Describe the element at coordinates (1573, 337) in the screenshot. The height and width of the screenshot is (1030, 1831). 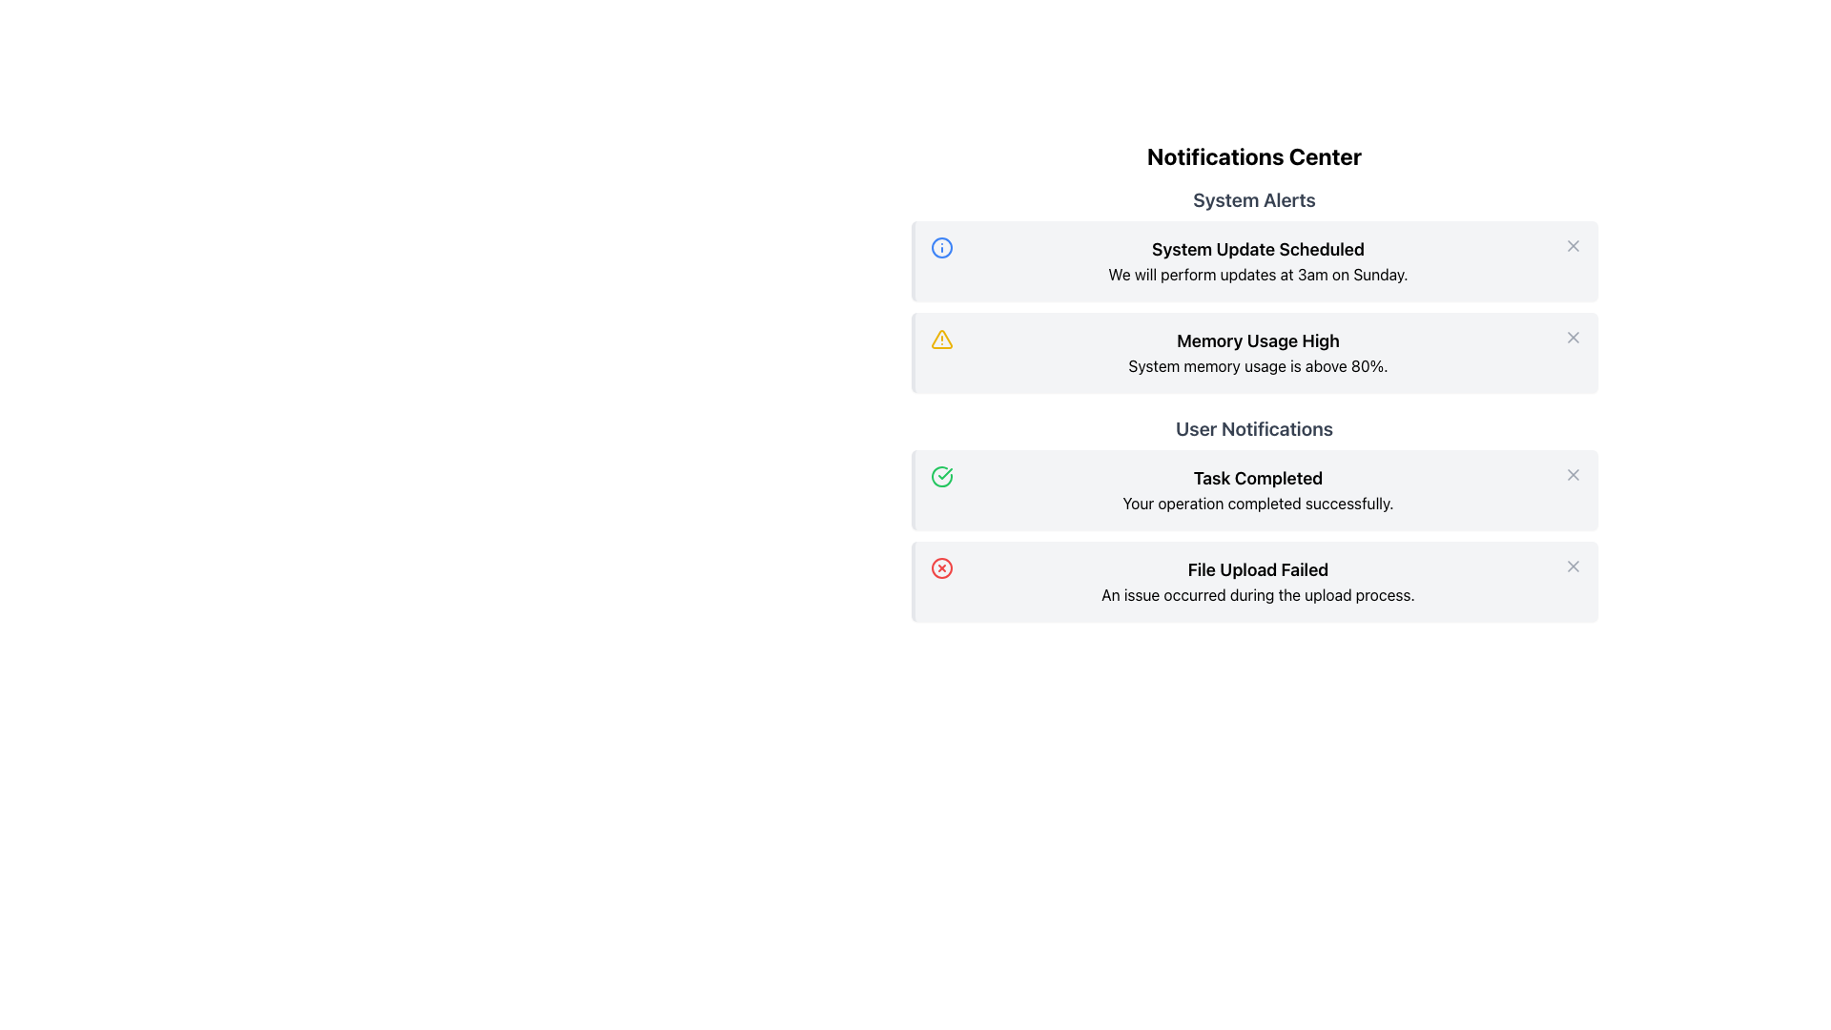
I see `the cross icon representing the dismiss action for the 'Memory Usage High' notification card located in the middle-right of the notification under 'System Alerts'` at that location.